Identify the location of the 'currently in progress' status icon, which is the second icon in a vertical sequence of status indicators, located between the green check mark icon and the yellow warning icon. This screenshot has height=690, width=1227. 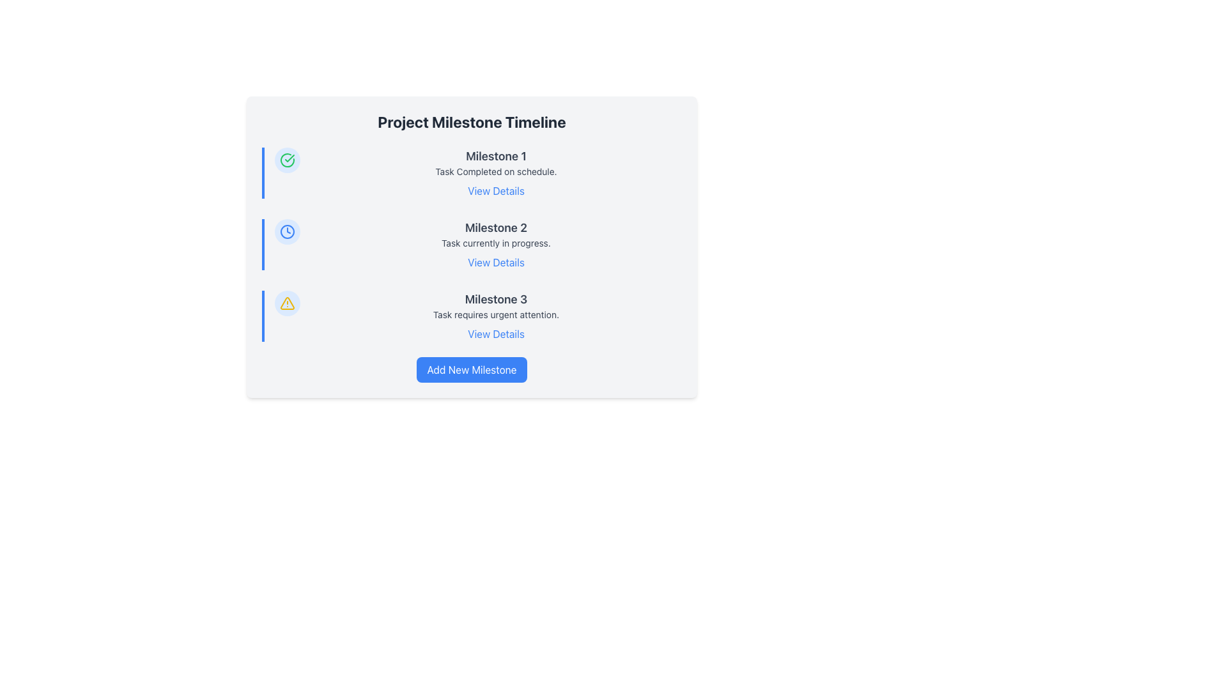
(287, 231).